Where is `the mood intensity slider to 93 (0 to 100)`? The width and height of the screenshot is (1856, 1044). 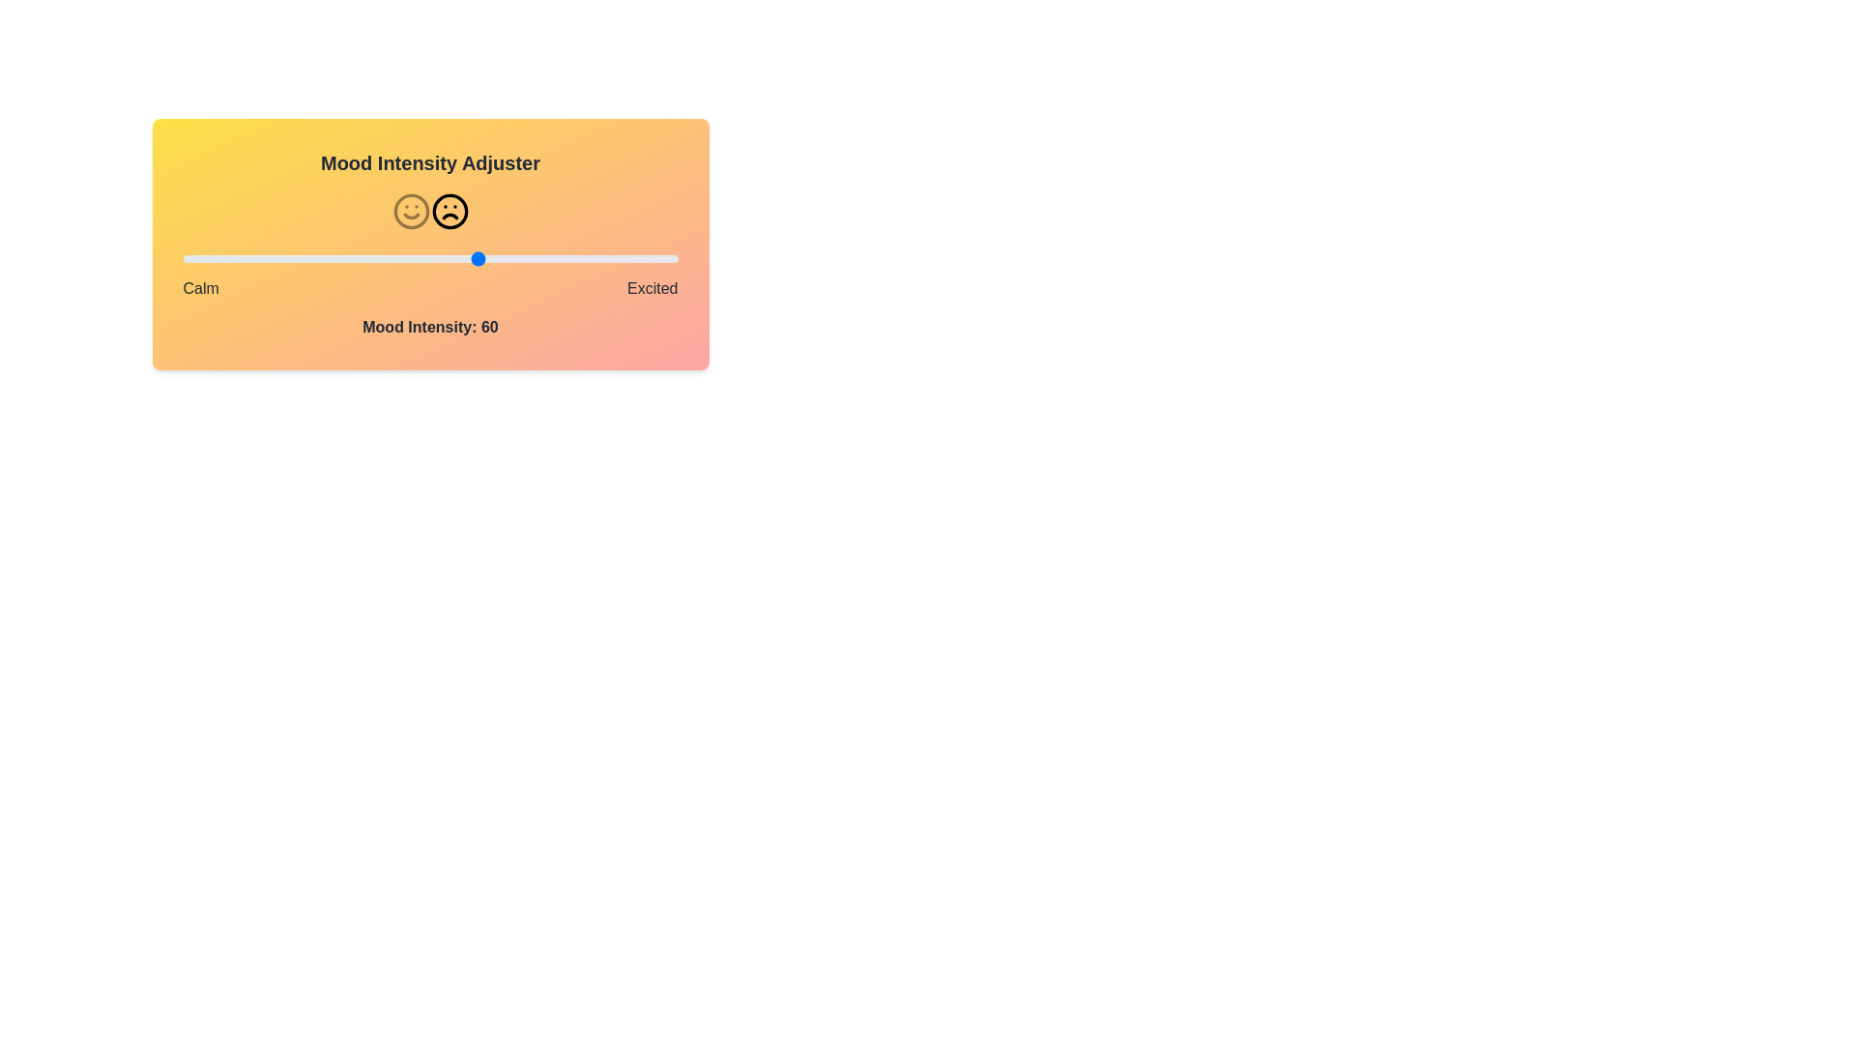 the mood intensity slider to 93 (0 to 100) is located at coordinates (643, 257).